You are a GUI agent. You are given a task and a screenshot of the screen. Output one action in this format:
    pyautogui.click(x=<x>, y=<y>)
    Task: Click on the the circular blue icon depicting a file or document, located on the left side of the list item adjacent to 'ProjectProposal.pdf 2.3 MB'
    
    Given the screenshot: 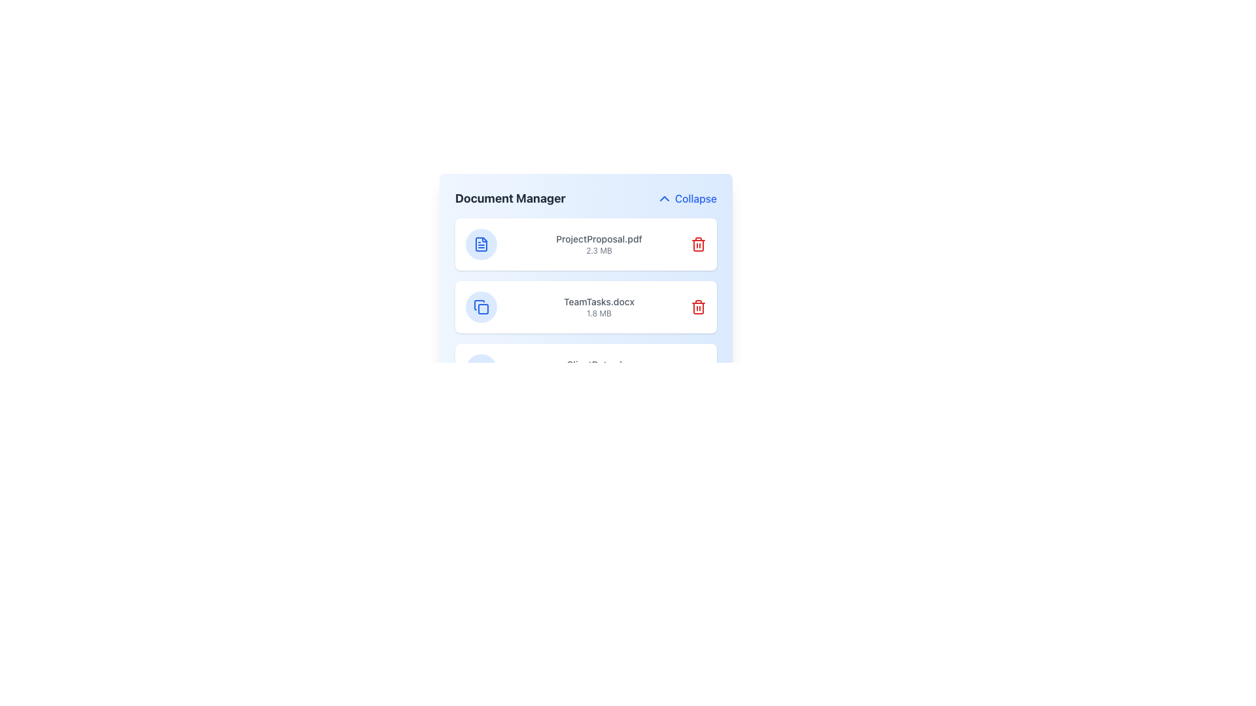 What is the action you would take?
    pyautogui.click(x=480, y=244)
    